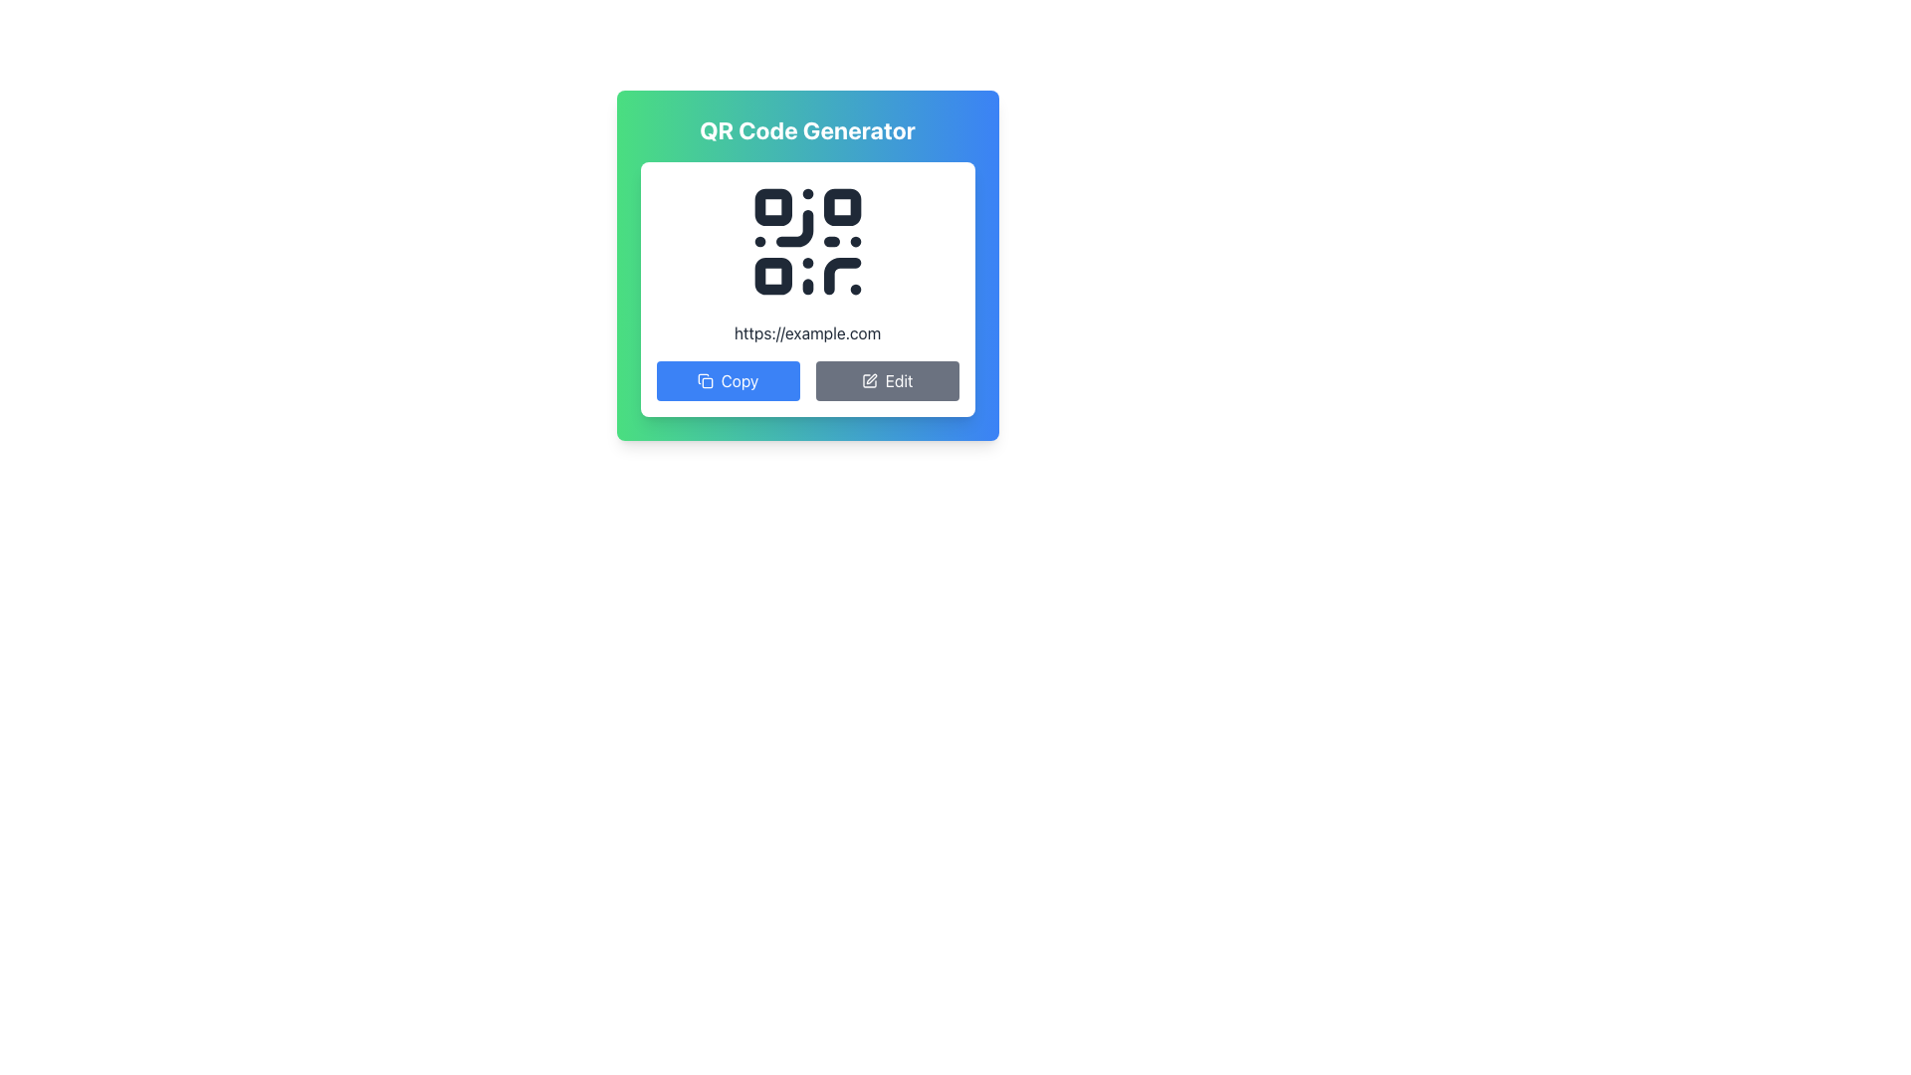 This screenshot has height=1075, width=1911. I want to click on the dark QR Code icon located, so click(807, 241).